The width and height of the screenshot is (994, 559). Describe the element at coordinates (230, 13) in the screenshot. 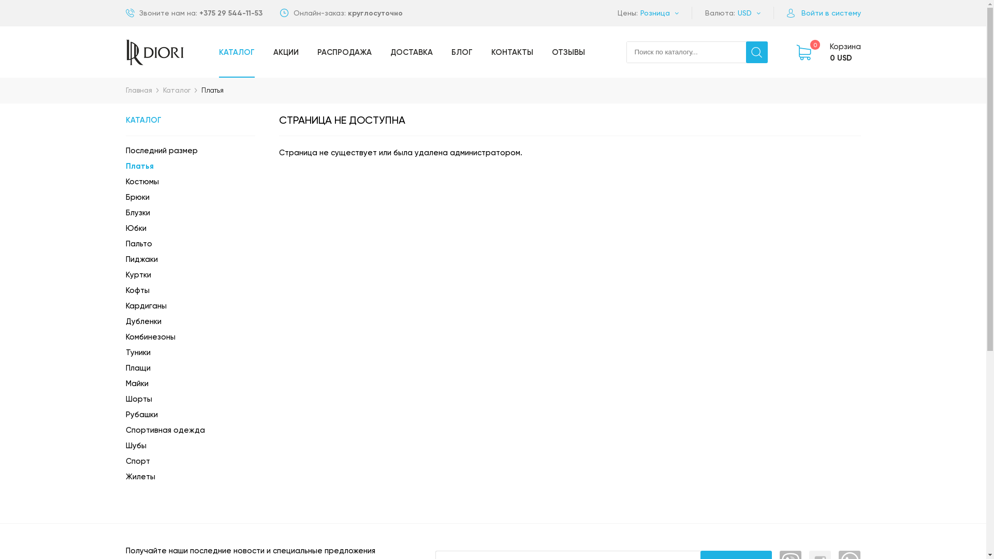

I see `'+375 29 544-11-53'` at that location.